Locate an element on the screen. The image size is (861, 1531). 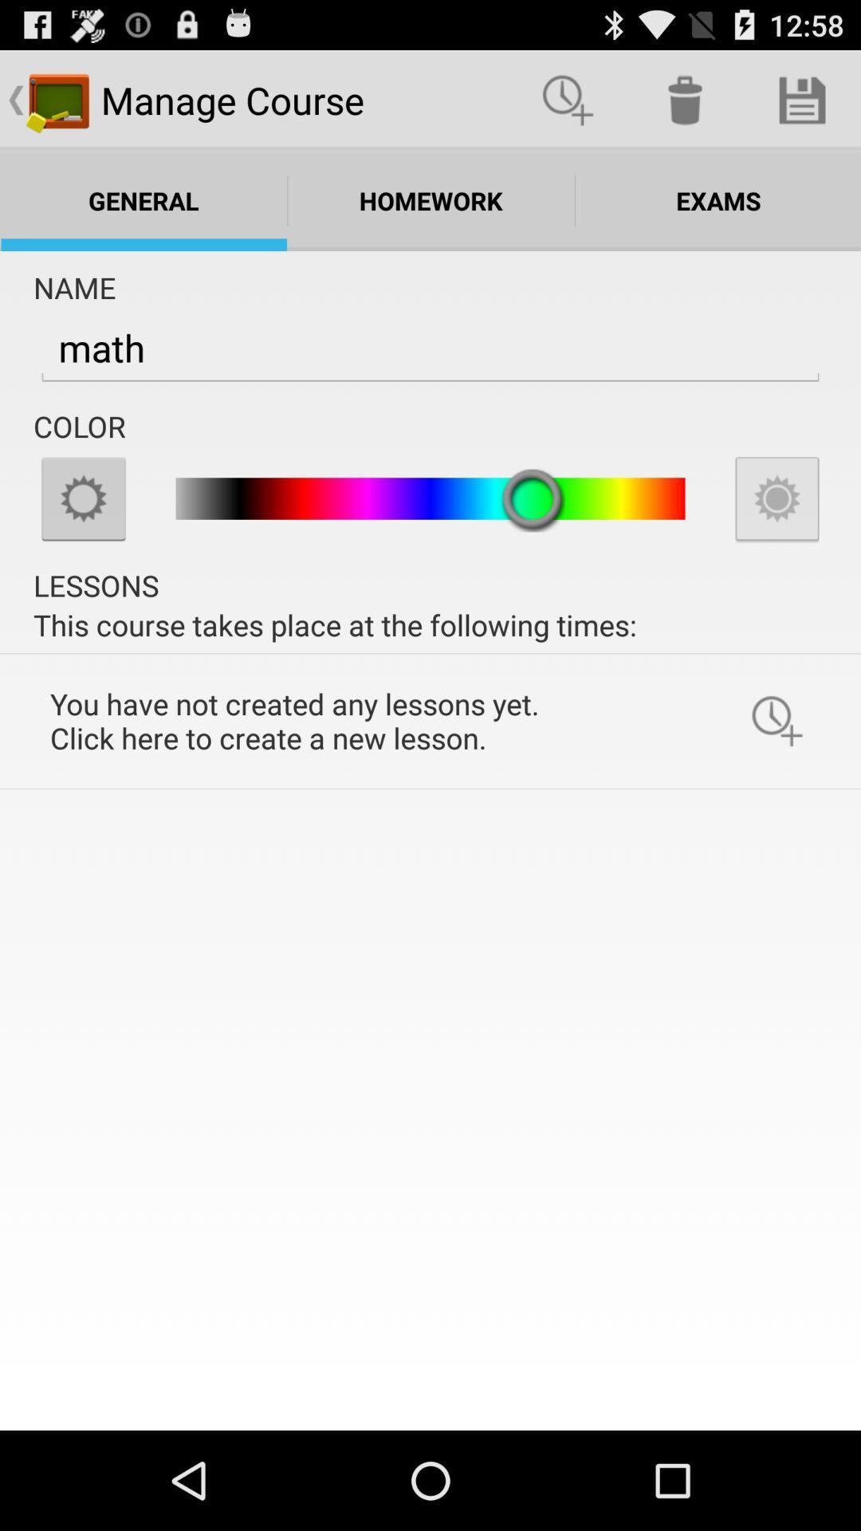
tap for options is located at coordinates (83, 498).